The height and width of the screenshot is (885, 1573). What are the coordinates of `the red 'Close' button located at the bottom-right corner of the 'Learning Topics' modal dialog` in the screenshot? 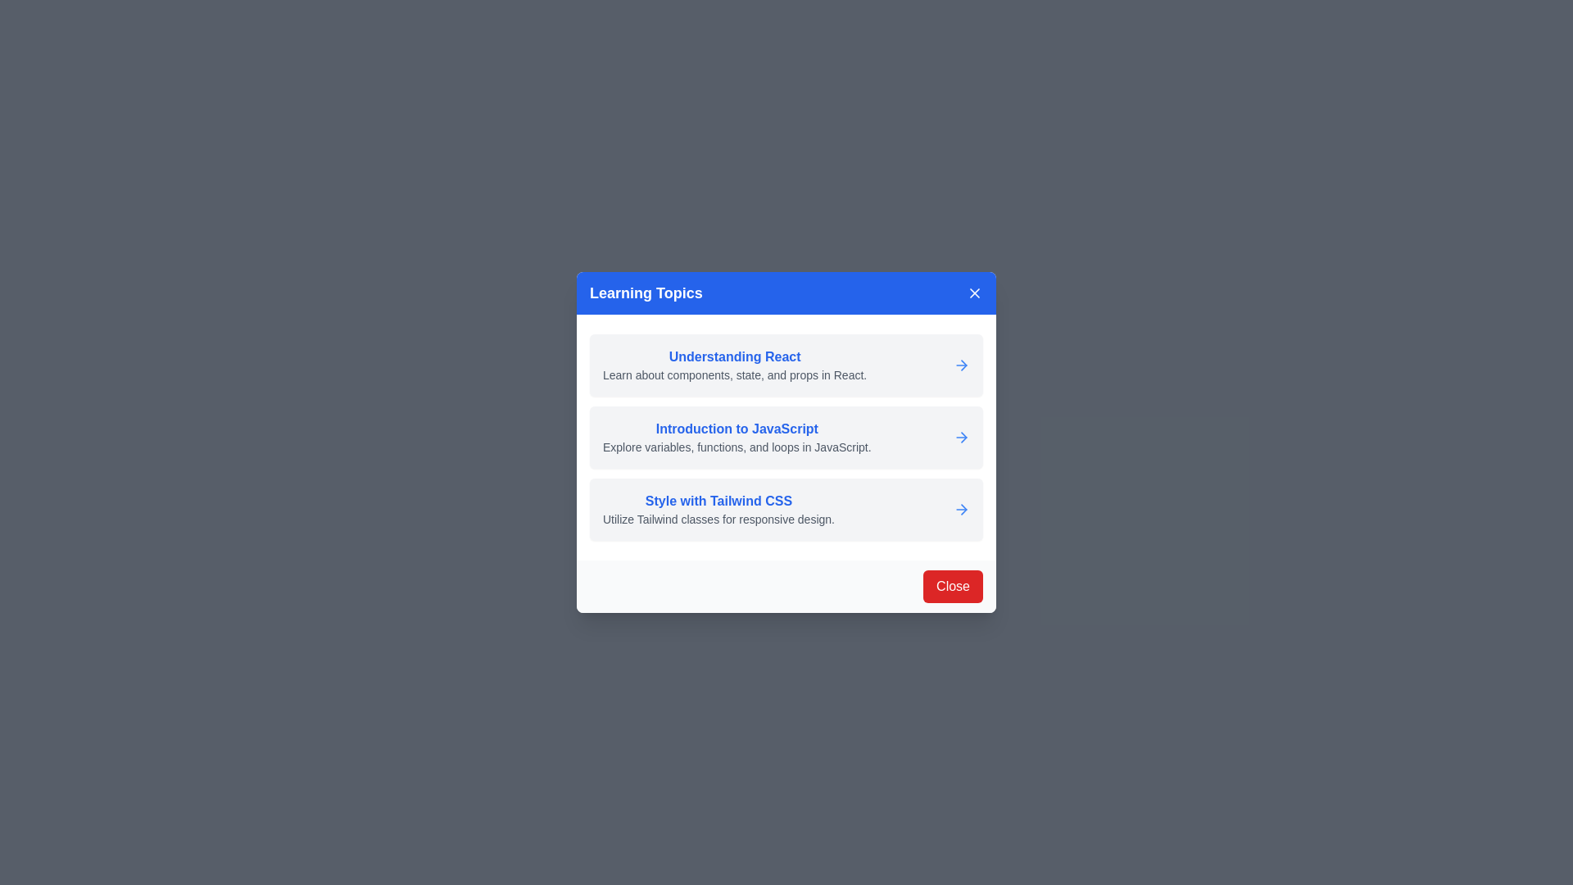 It's located at (953, 586).